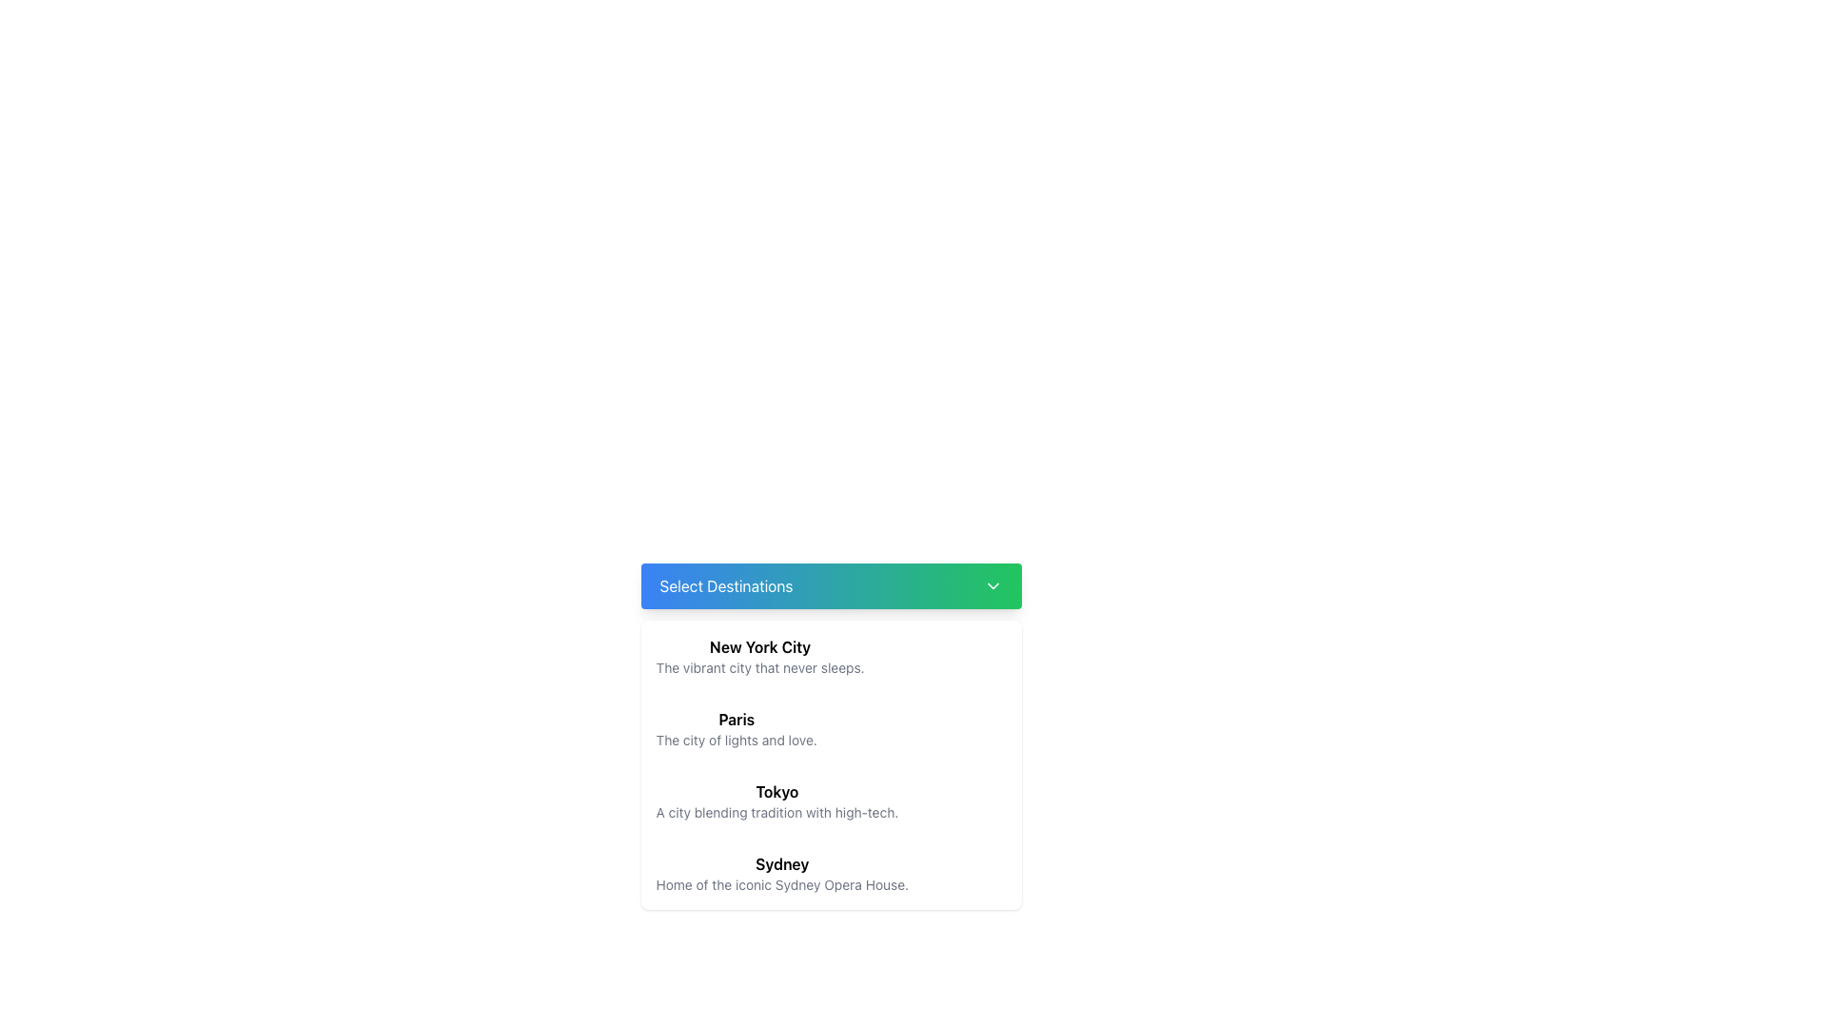 The width and height of the screenshot is (1827, 1028). Describe the element at coordinates (782, 874) in the screenshot. I see `the fourth list item titled 'Sydney' in the dropdown menu` at that location.